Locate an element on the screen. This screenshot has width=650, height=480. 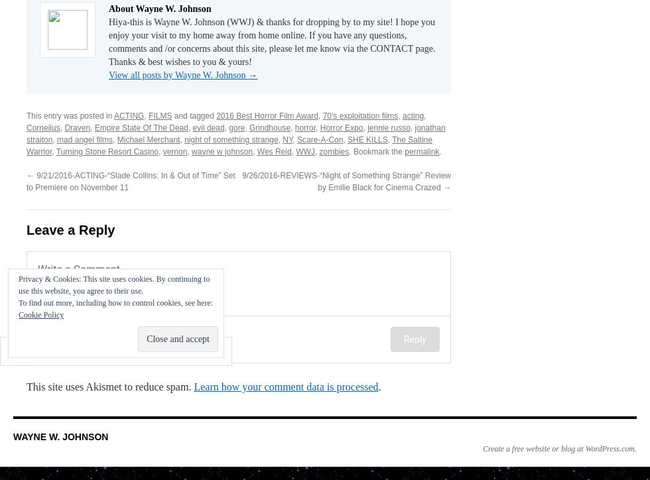
'This site uses Akismet to reduce spam.' is located at coordinates (110, 386).